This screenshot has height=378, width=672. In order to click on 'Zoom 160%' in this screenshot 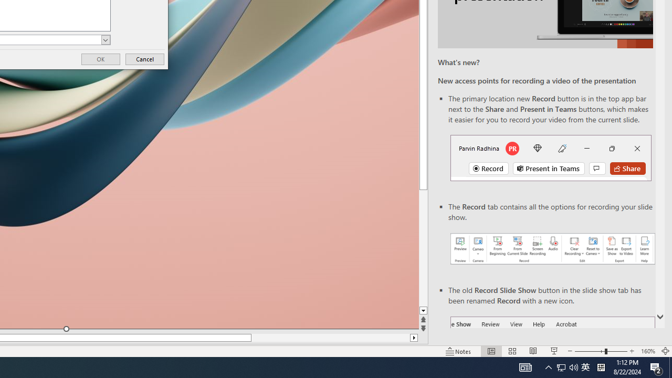, I will do `click(647, 351)`.